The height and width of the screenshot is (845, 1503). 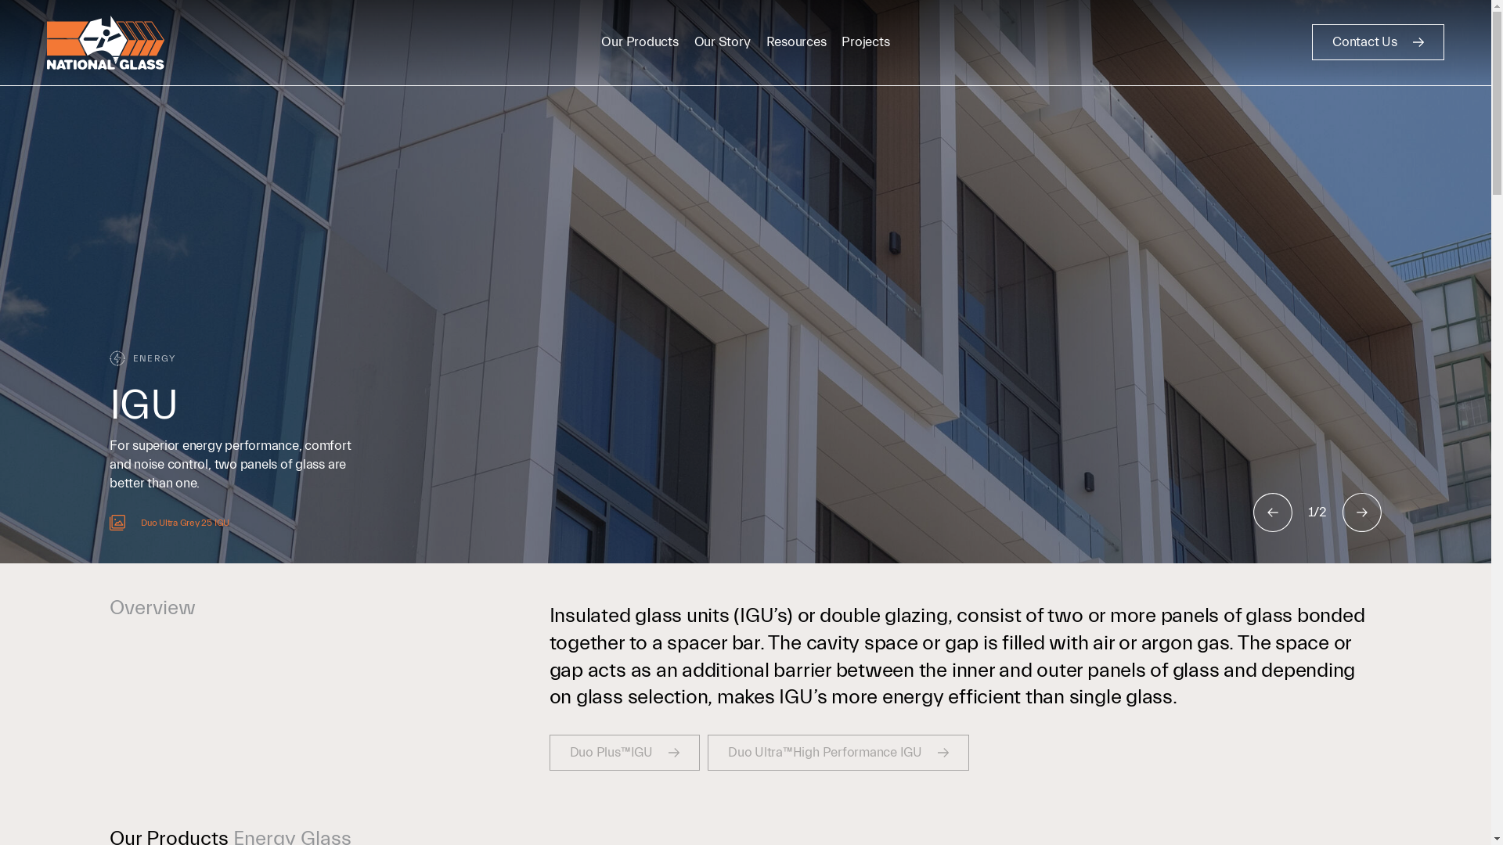 What do you see at coordinates (1361, 512) in the screenshot?
I see `'Next'` at bounding box center [1361, 512].